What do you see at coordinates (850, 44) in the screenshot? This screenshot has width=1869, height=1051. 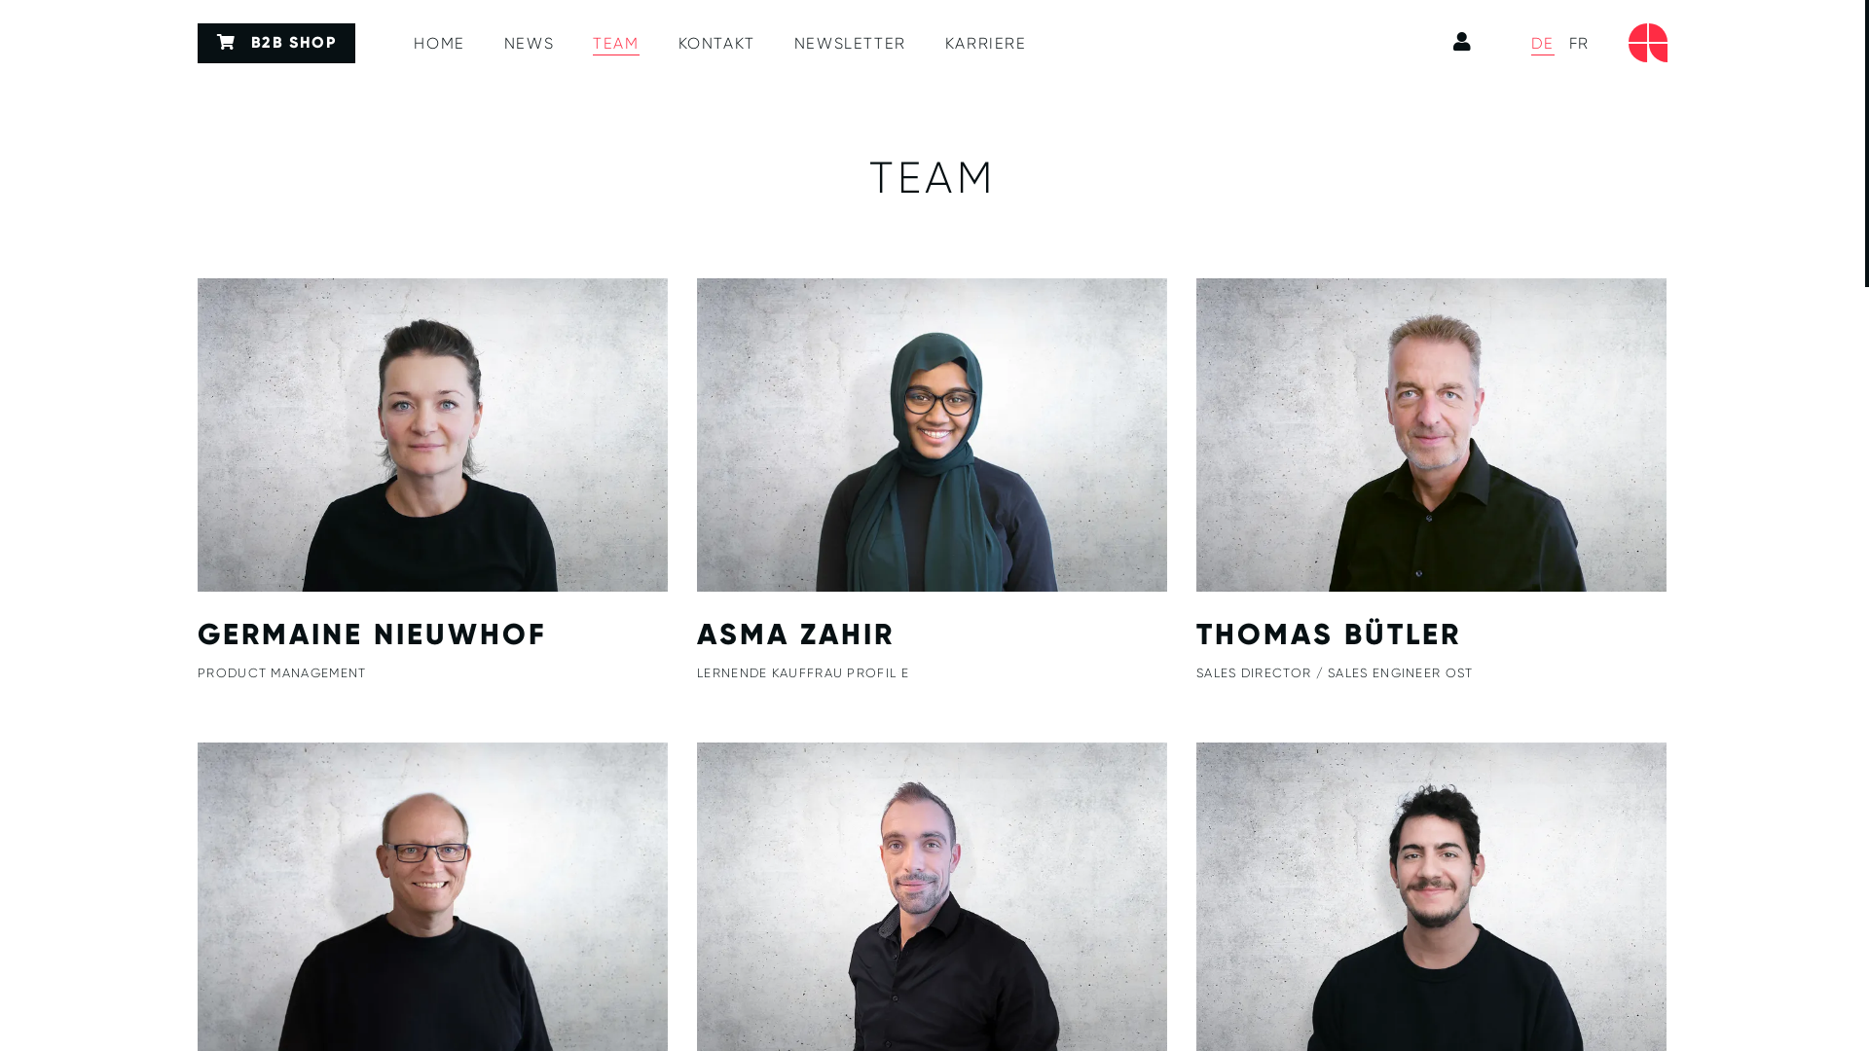 I see `'NEWSLETTER'` at bounding box center [850, 44].